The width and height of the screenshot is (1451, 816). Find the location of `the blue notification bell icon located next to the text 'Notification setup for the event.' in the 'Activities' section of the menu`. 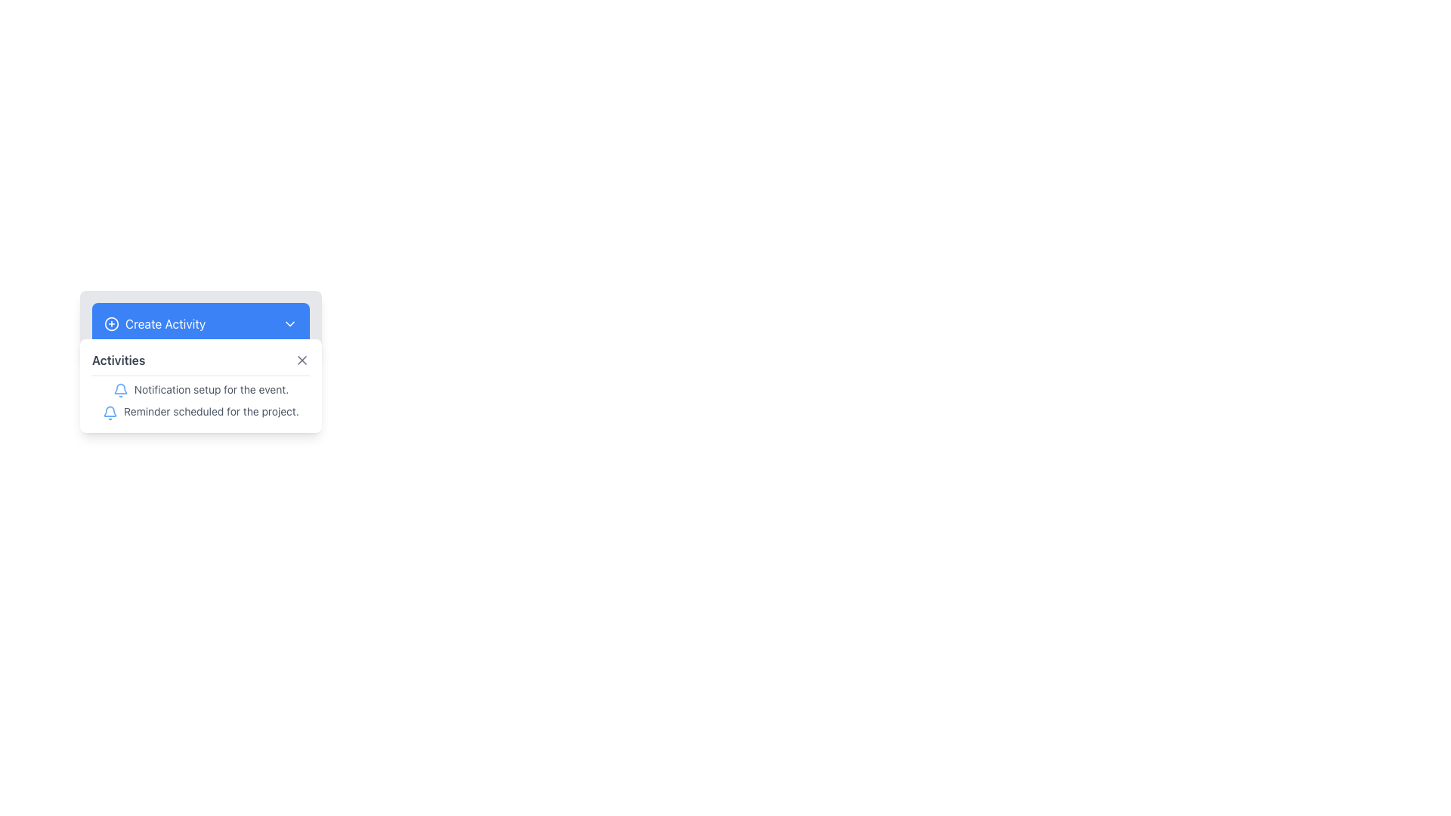

the blue notification bell icon located next to the text 'Notification setup for the event.' in the 'Activities' section of the menu is located at coordinates (119, 390).